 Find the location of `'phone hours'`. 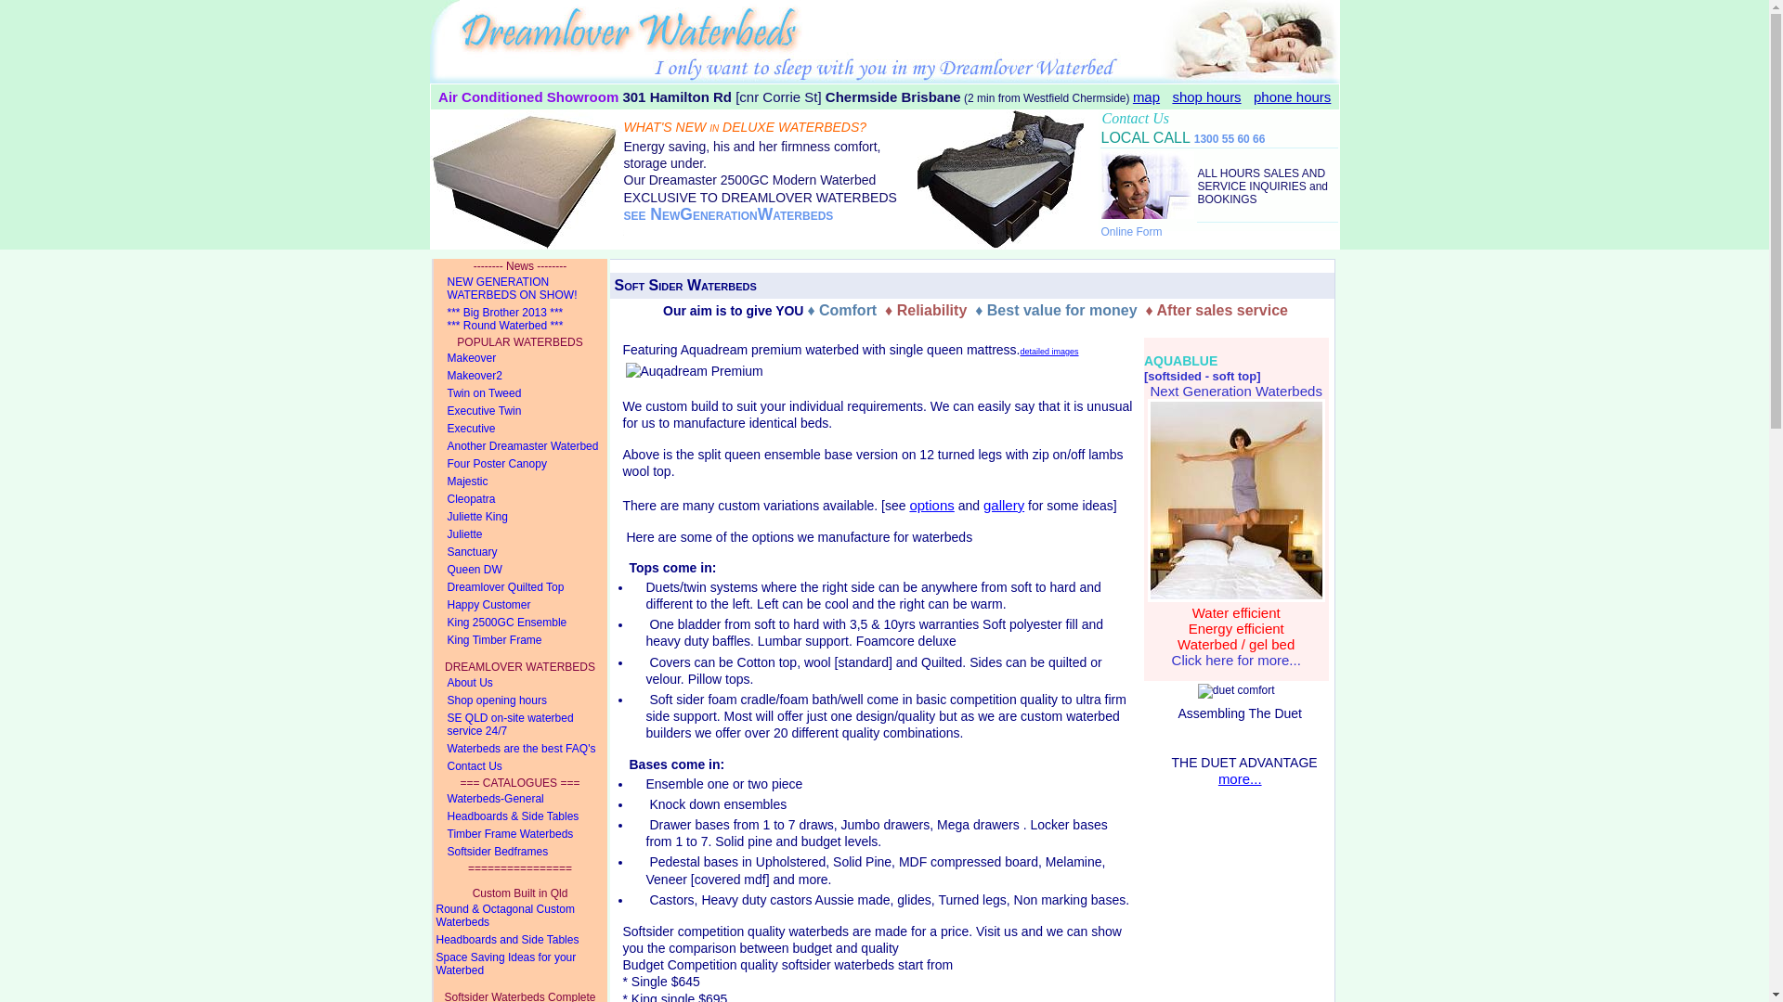

'phone hours' is located at coordinates (1291, 97).